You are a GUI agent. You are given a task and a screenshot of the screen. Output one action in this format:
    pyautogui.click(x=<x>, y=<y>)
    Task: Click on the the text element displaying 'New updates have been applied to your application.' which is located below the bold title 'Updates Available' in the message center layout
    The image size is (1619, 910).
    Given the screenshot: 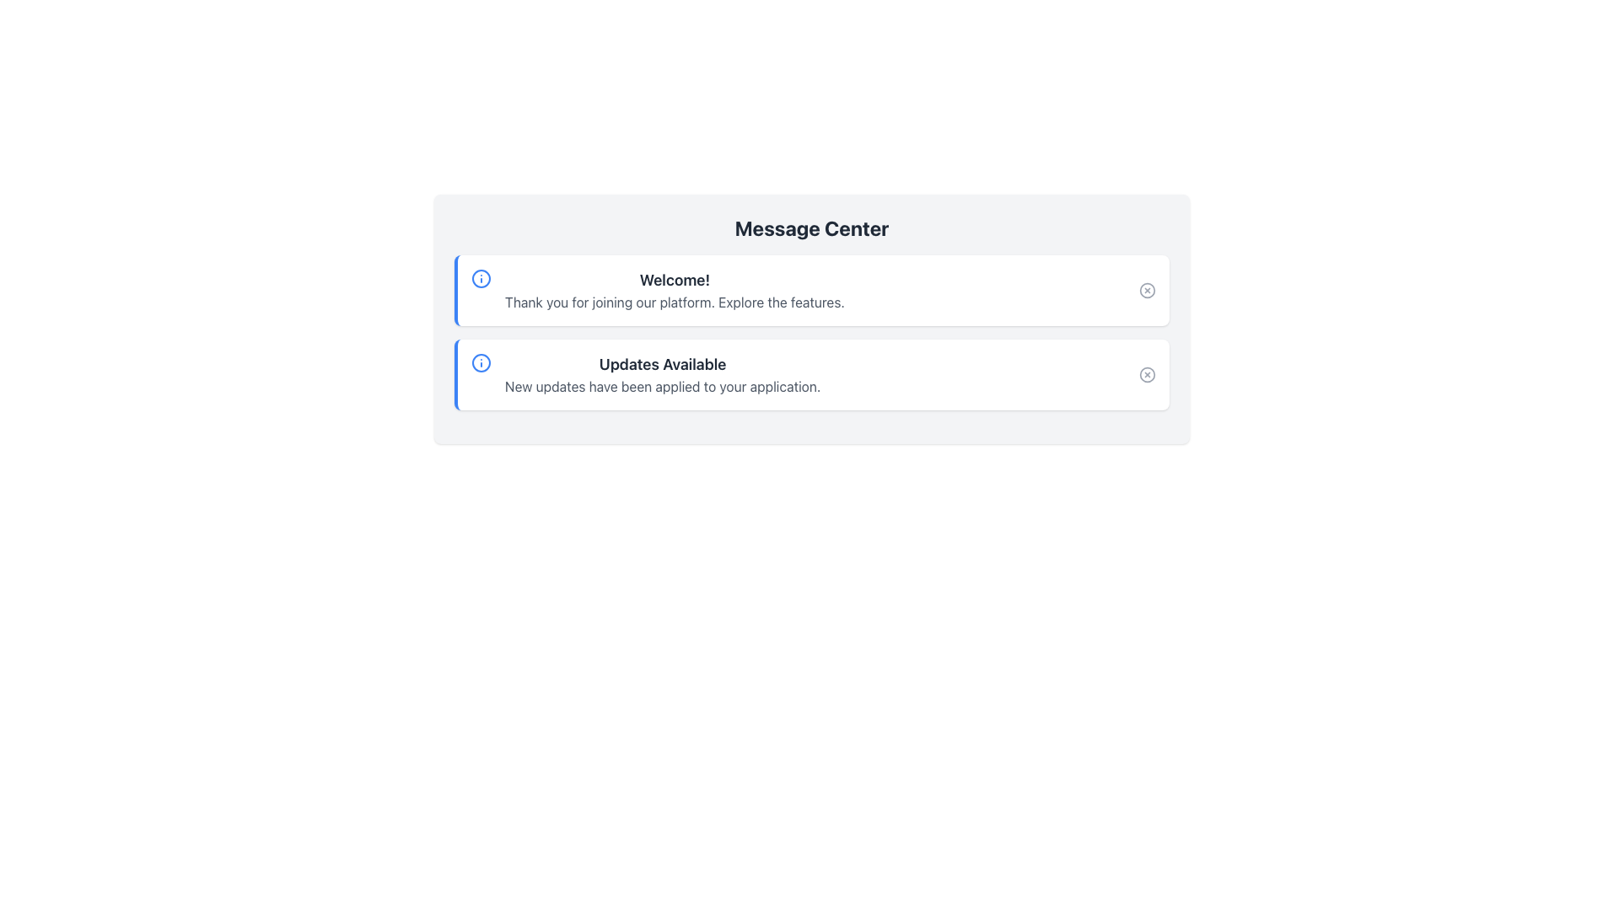 What is the action you would take?
    pyautogui.click(x=662, y=387)
    